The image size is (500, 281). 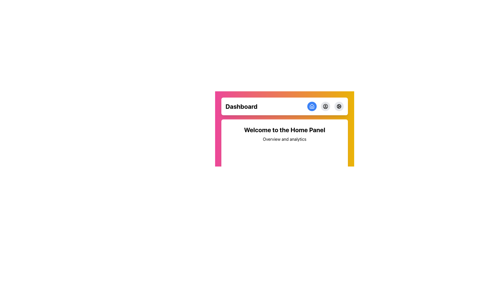 I want to click on the house-shaped icon button with a blue background located near the top center of the header section for accessibility, so click(x=312, y=106).